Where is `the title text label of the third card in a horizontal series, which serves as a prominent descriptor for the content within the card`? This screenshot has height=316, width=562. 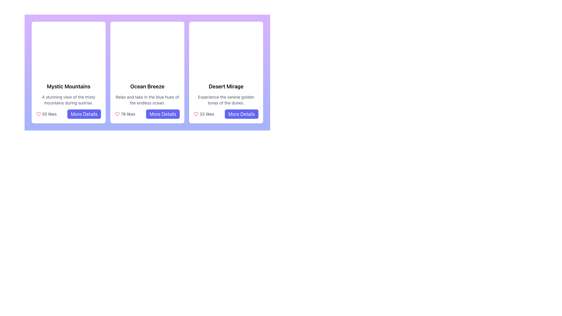
the title text label of the third card in a horizontal series, which serves as a prominent descriptor for the content within the card is located at coordinates (226, 87).